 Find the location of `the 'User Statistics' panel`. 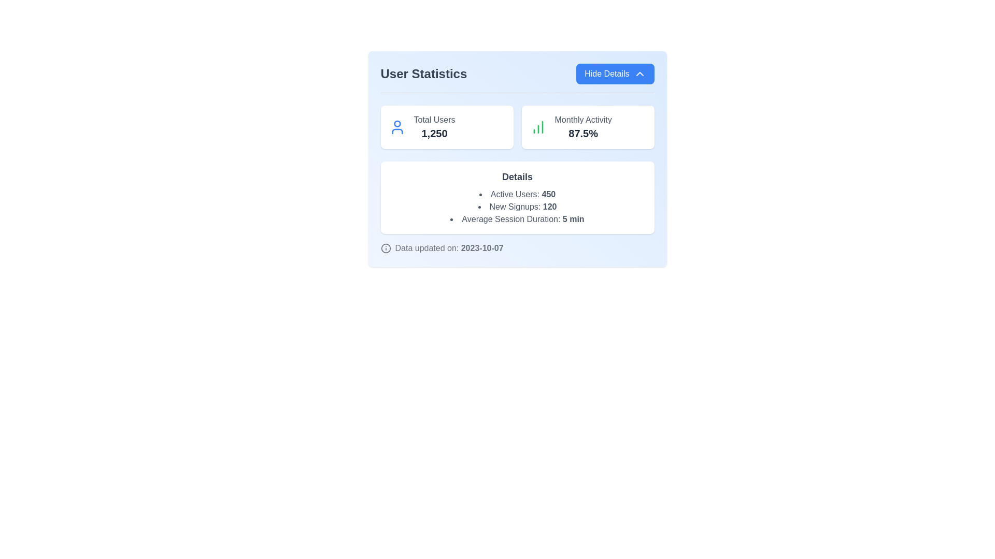

the 'User Statistics' panel is located at coordinates (517, 159).